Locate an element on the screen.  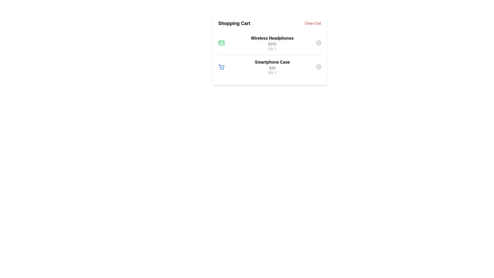
the circular graphical component within the close button of the 'Smartphone Case' row in the 'Shopping Cart' is located at coordinates (318, 66).